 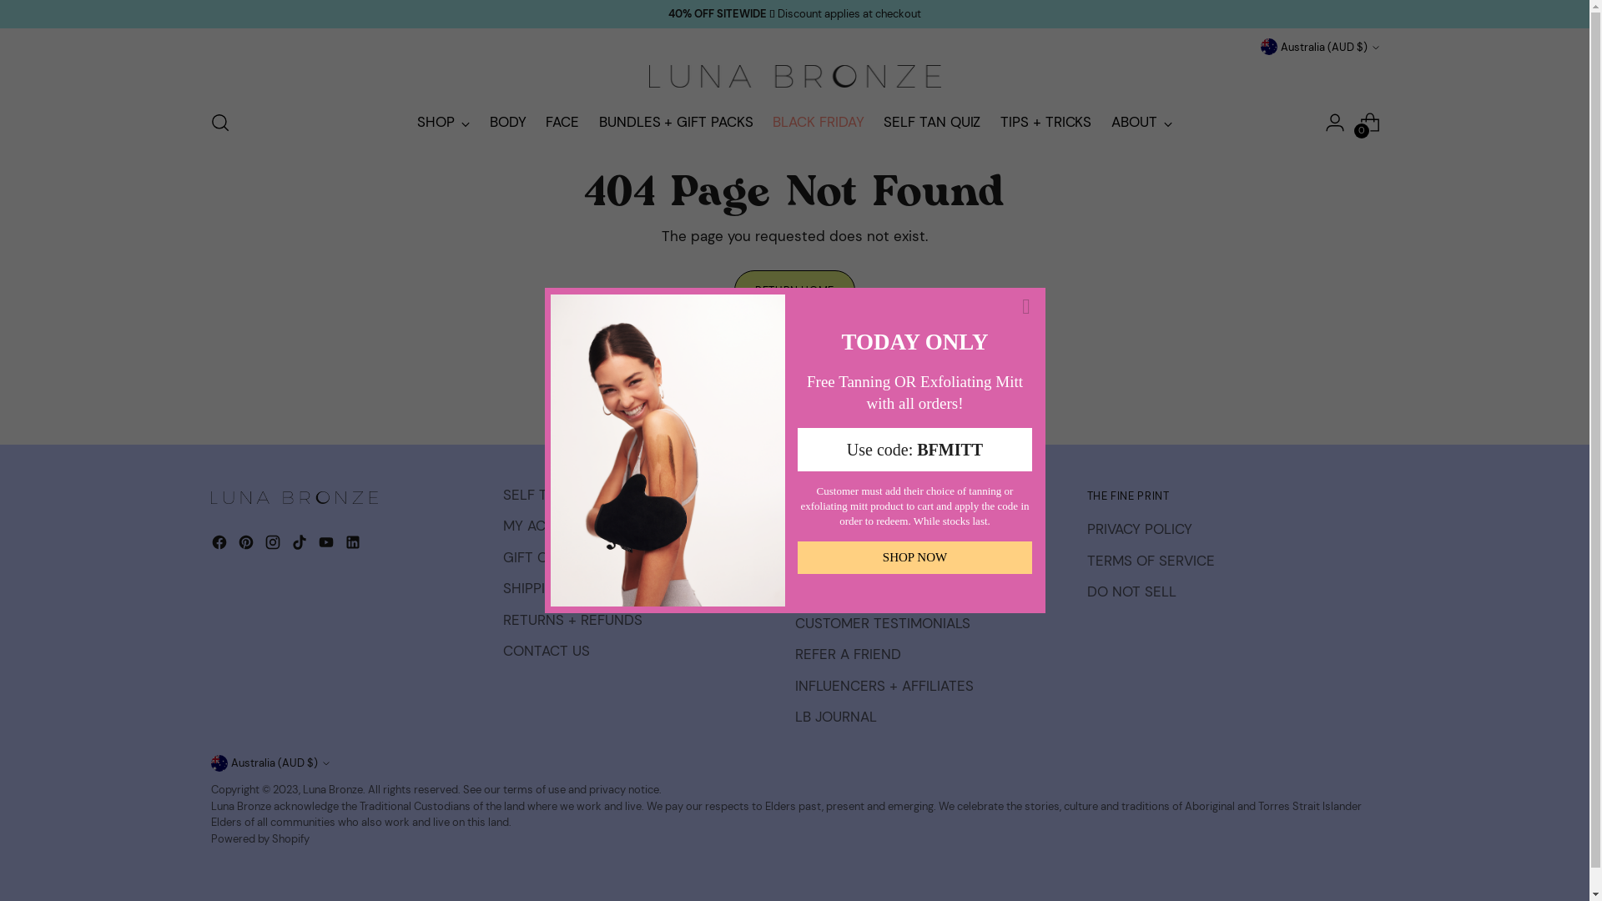 I want to click on 'TIPS + TRICKS', so click(x=1045, y=121).